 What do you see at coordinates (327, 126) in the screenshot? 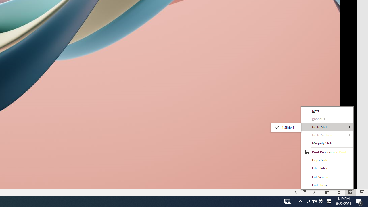
I see `'Go to Slide'` at bounding box center [327, 126].